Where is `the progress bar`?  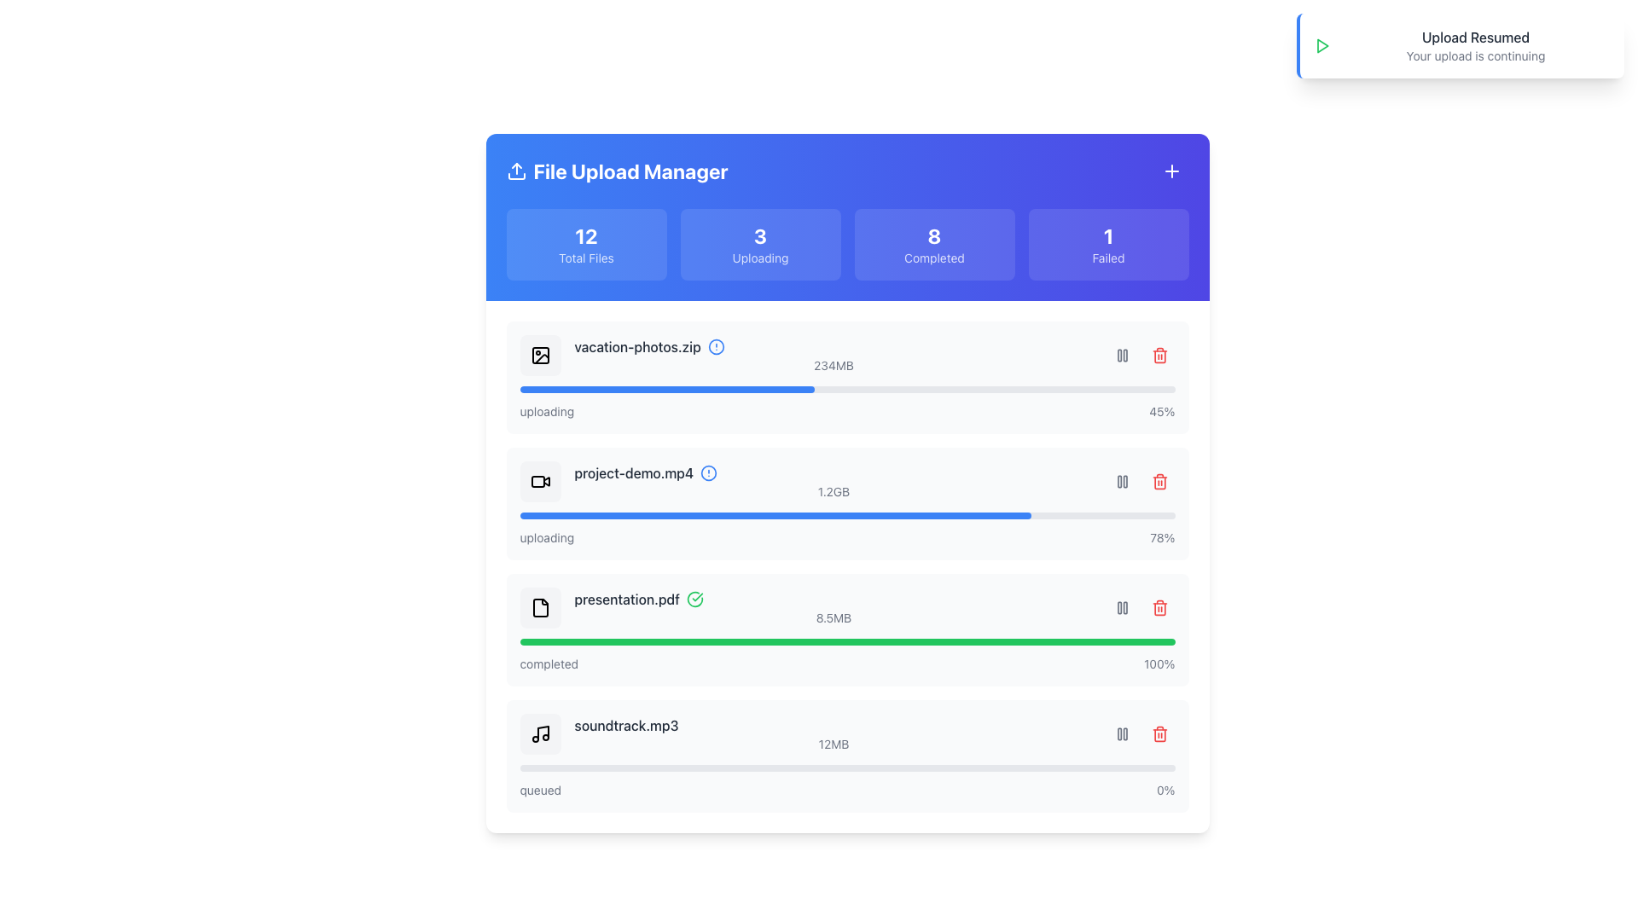
the progress bar is located at coordinates (561, 389).